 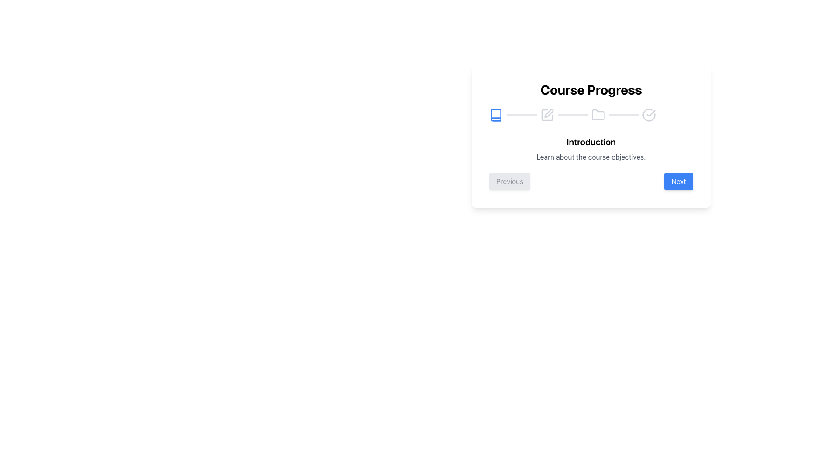 What do you see at coordinates (649, 114) in the screenshot?
I see `the progress status by hovering over the completed checkmark icon, which is the last in a sequence of four icons in the progress tracker` at bounding box center [649, 114].